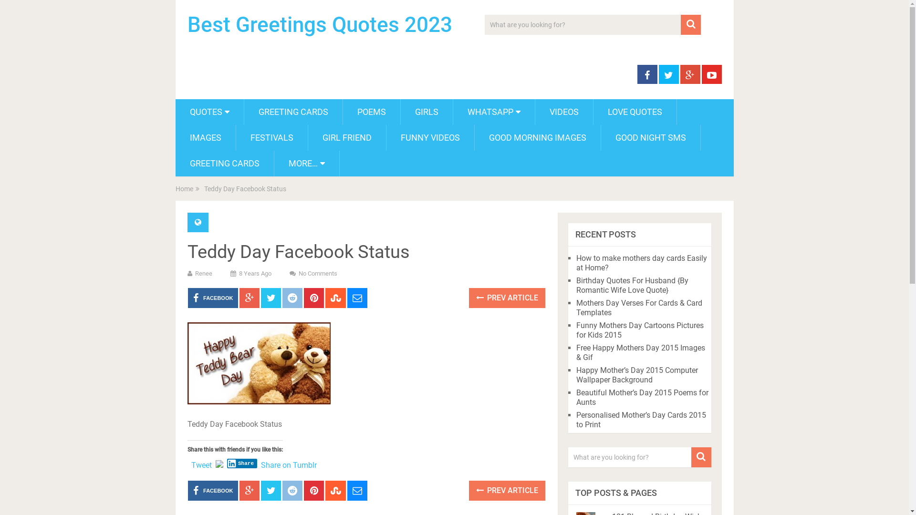  Describe the element at coordinates (564, 112) in the screenshot. I see `'VIDEOS'` at that location.